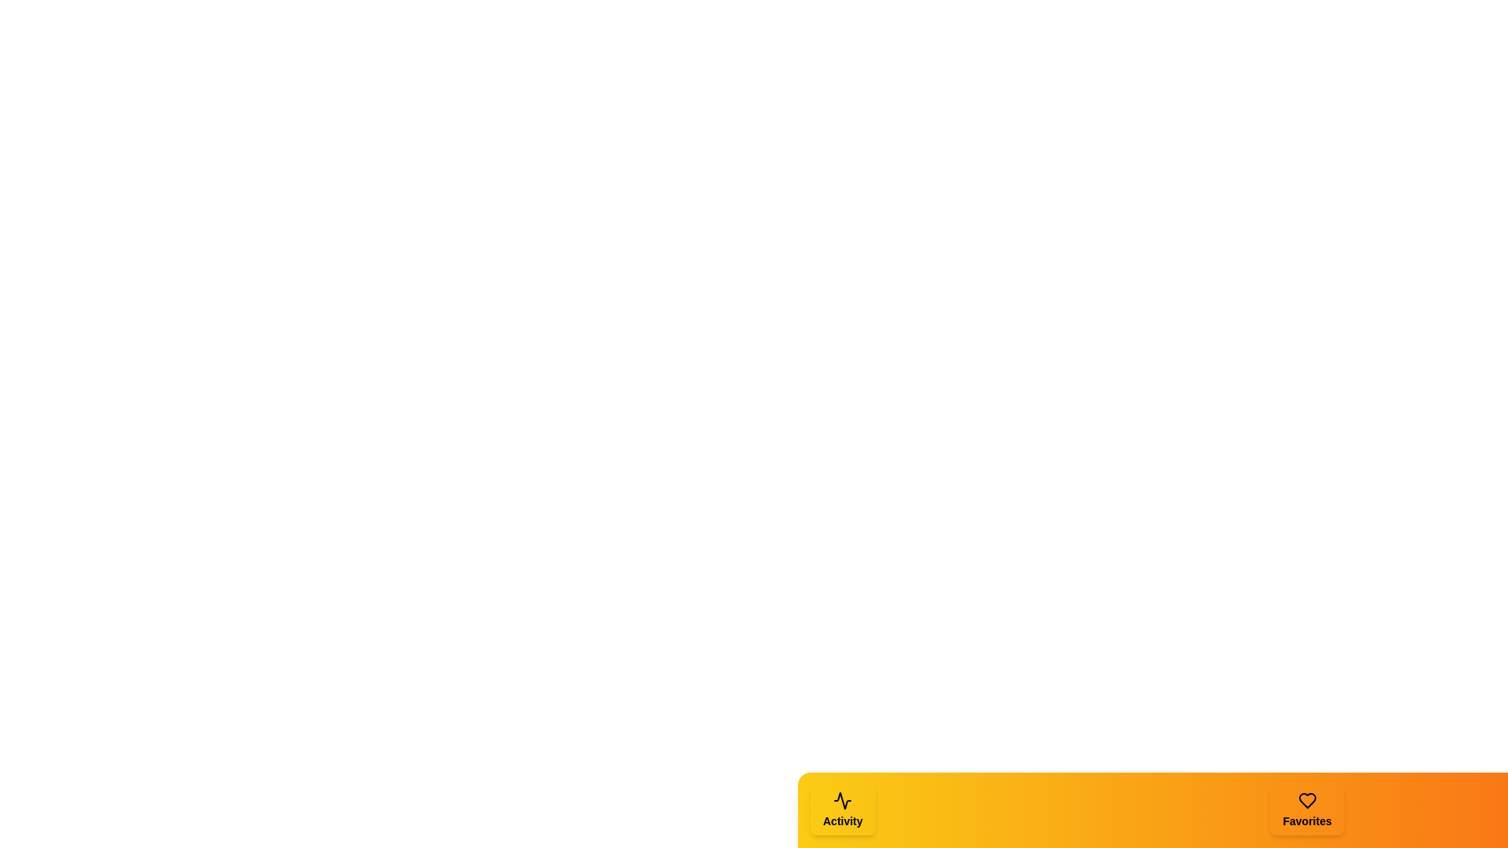  I want to click on the 'Activity' tab to see its hover effect, so click(842, 810).